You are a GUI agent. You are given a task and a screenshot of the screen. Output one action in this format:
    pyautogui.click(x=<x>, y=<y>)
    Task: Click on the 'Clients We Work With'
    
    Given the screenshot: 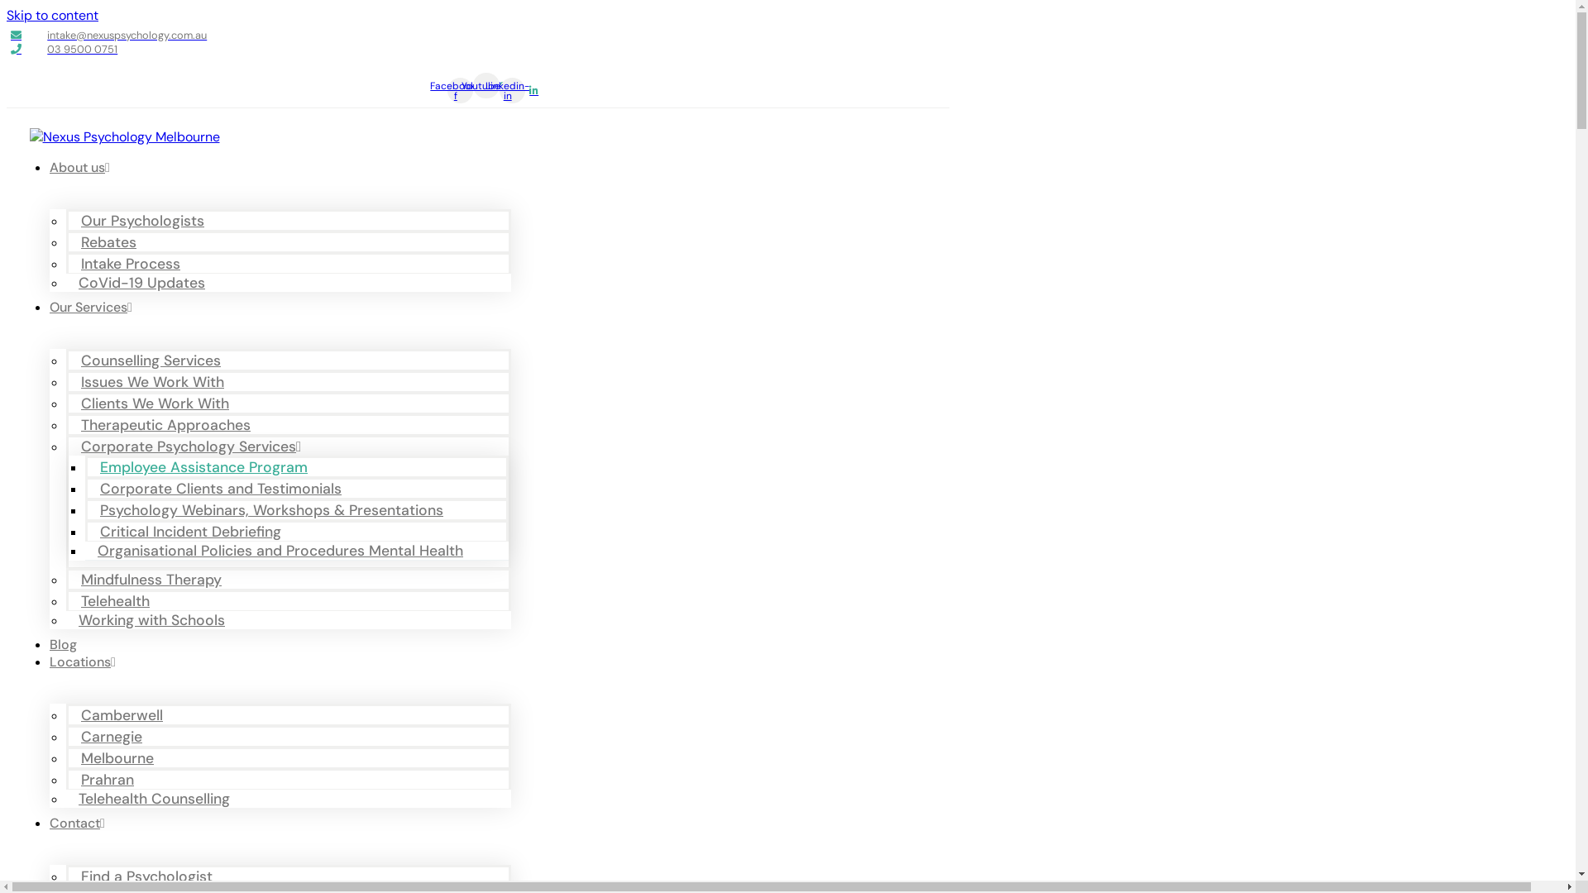 What is the action you would take?
    pyautogui.click(x=159, y=404)
    